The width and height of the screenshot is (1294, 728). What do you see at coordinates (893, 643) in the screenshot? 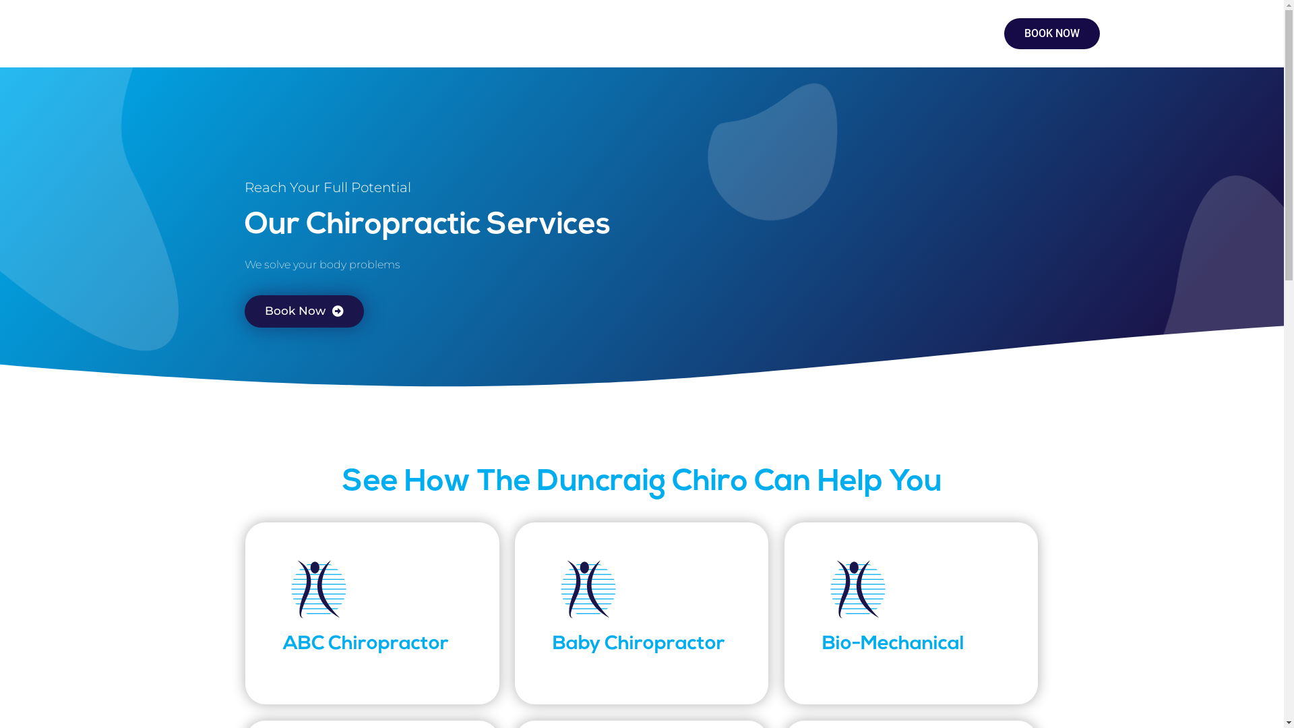
I see `'Bio-Mechanical'` at bounding box center [893, 643].